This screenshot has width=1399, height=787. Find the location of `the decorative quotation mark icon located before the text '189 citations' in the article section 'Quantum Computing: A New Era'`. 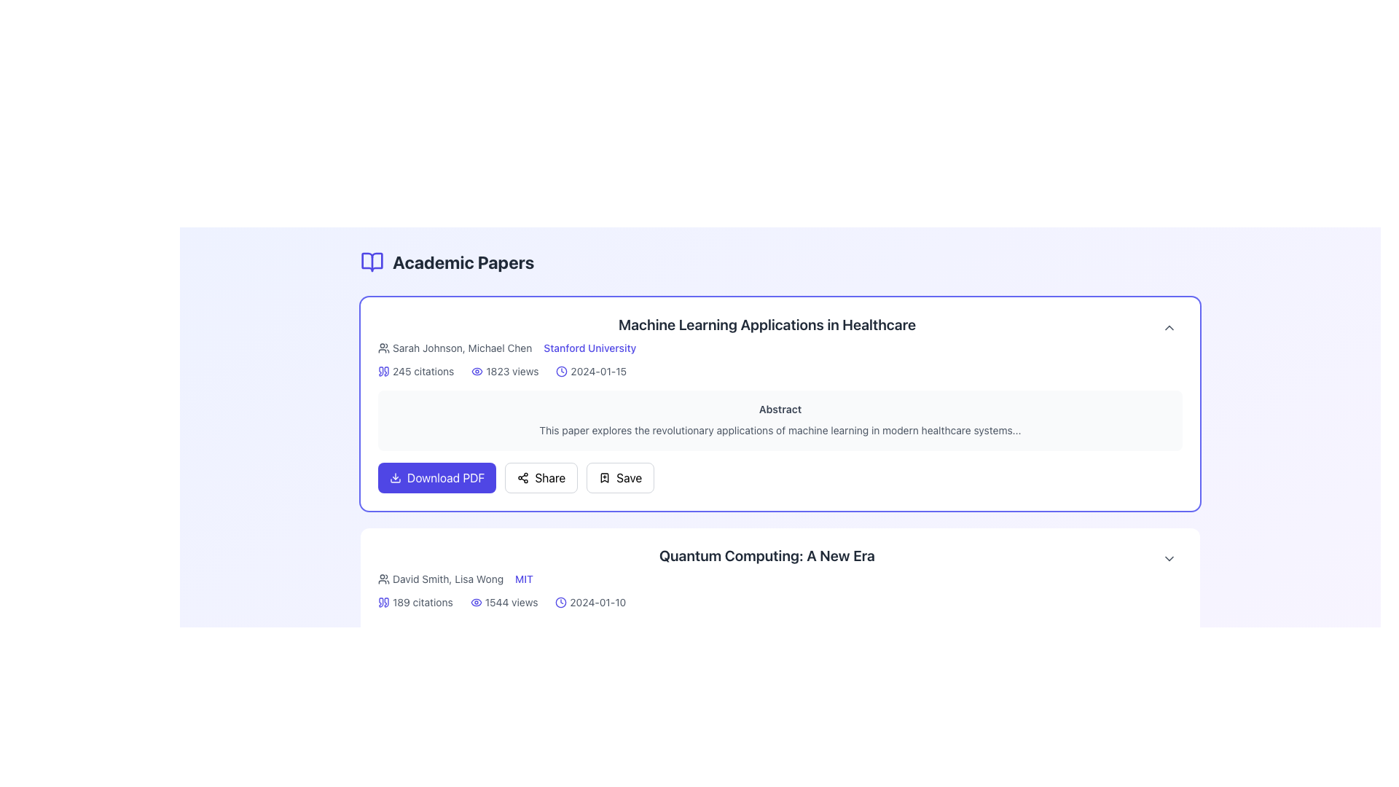

the decorative quotation mark icon located before the text '189 citations' in the article section 'Quantum Computing: A New Era' is located at coordinates (381, 602).